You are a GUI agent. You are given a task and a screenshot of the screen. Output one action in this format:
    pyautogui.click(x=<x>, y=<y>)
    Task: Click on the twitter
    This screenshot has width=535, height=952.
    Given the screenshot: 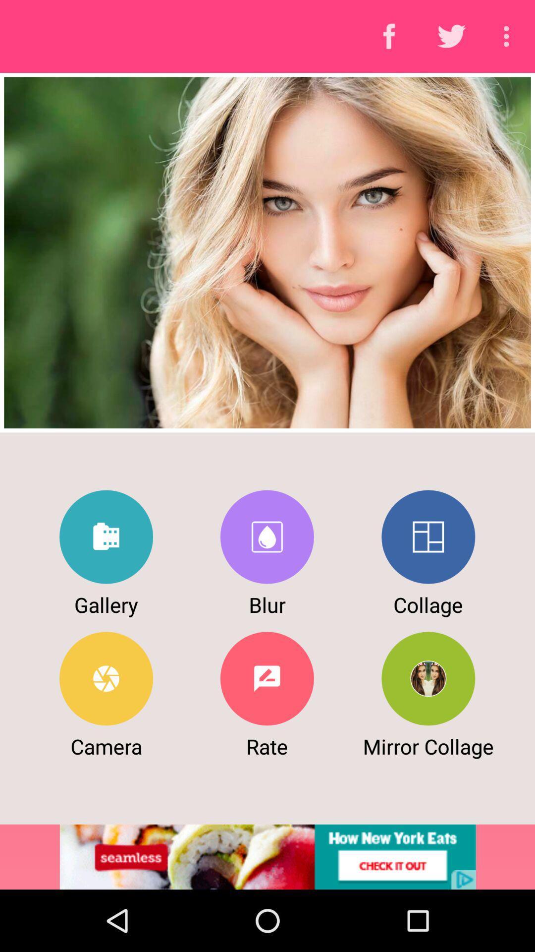 What is the action you would take?
    pyautogui.click(x=106, y=536)
    